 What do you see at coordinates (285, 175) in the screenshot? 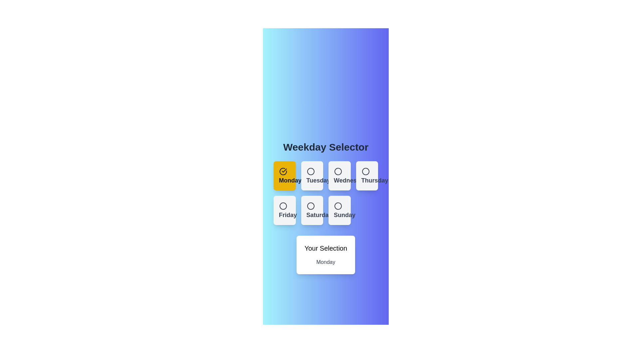
I see `the button corresponding to Monday` at bounding box center [285, 175].